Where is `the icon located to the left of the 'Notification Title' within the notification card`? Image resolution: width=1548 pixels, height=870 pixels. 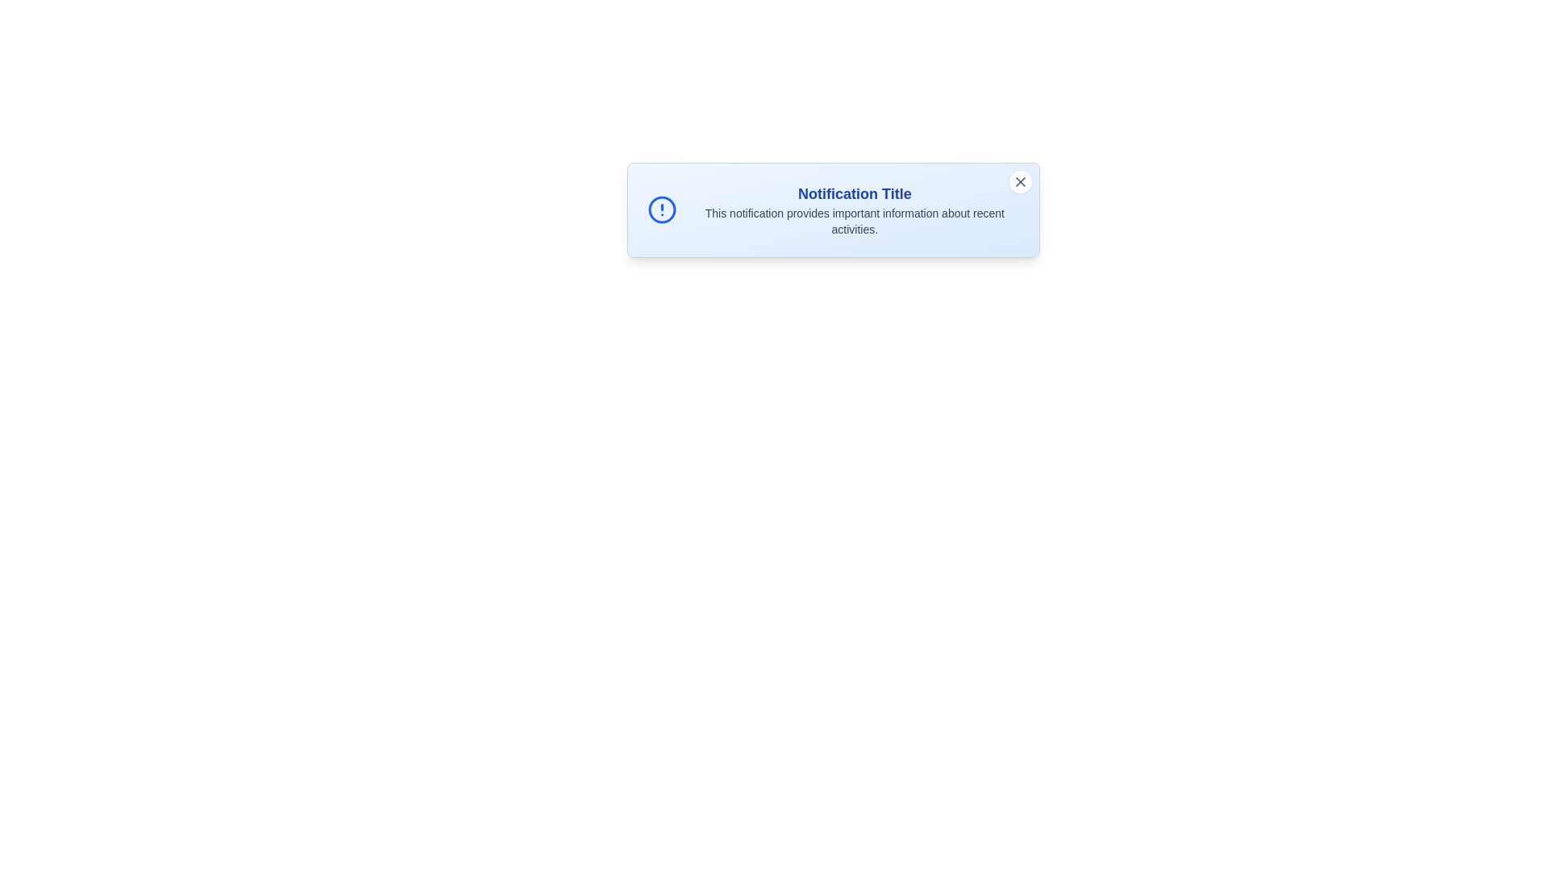 the icon located to the left of the 'Notification Title' within the notification card is located at coordinates (662, 209).